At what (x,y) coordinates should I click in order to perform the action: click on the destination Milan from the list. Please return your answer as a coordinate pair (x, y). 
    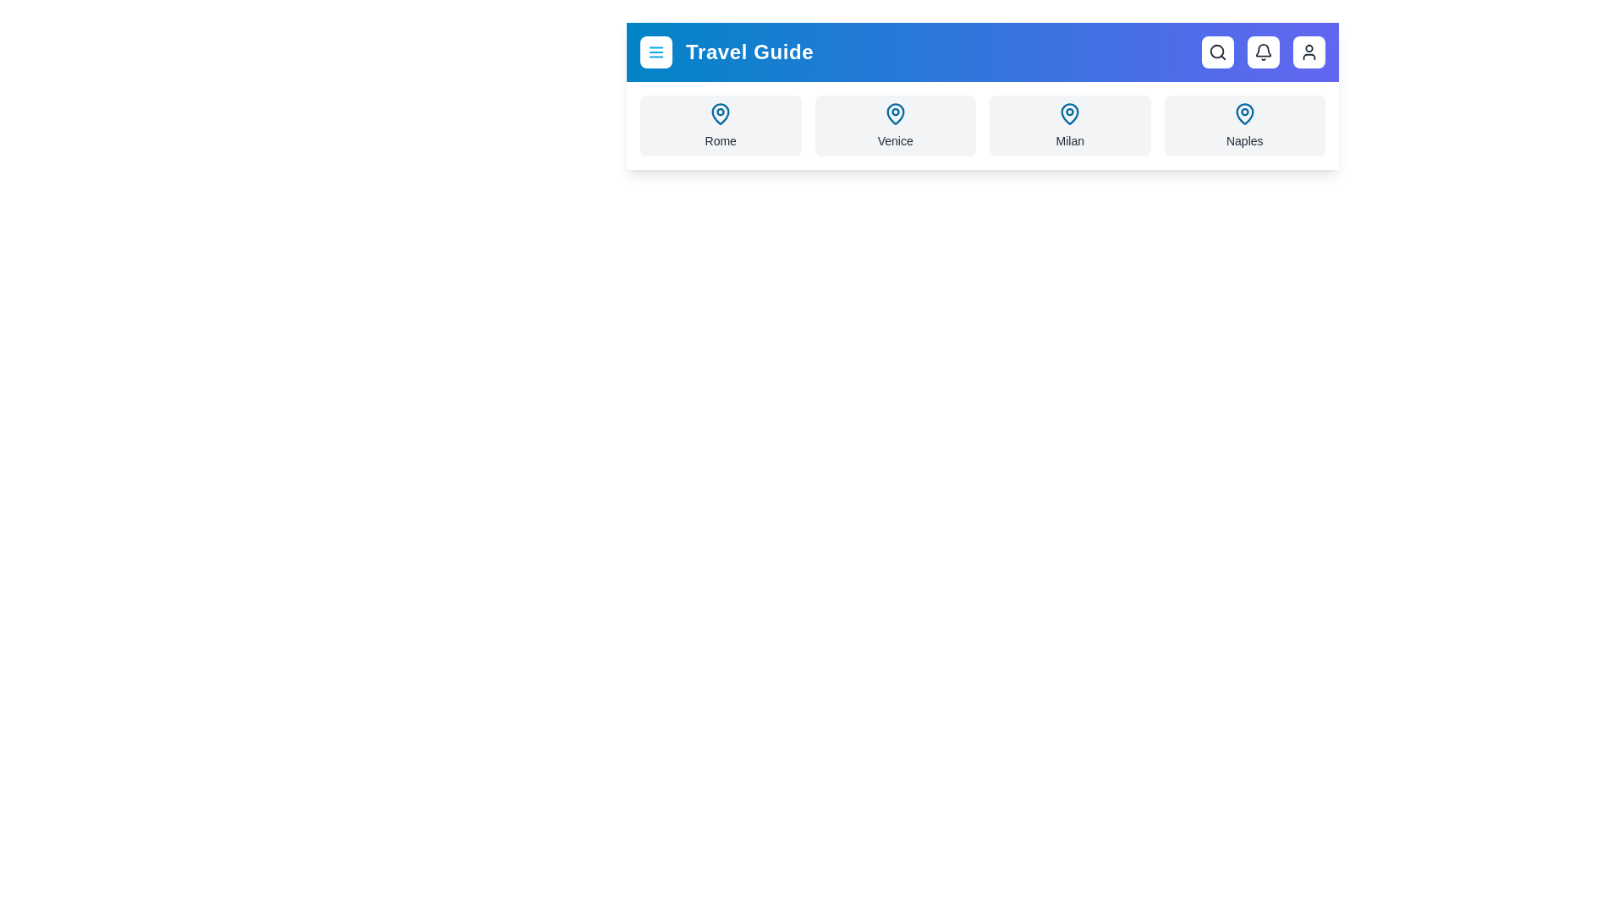
    Looking at the image, I should click on (1069, 125).